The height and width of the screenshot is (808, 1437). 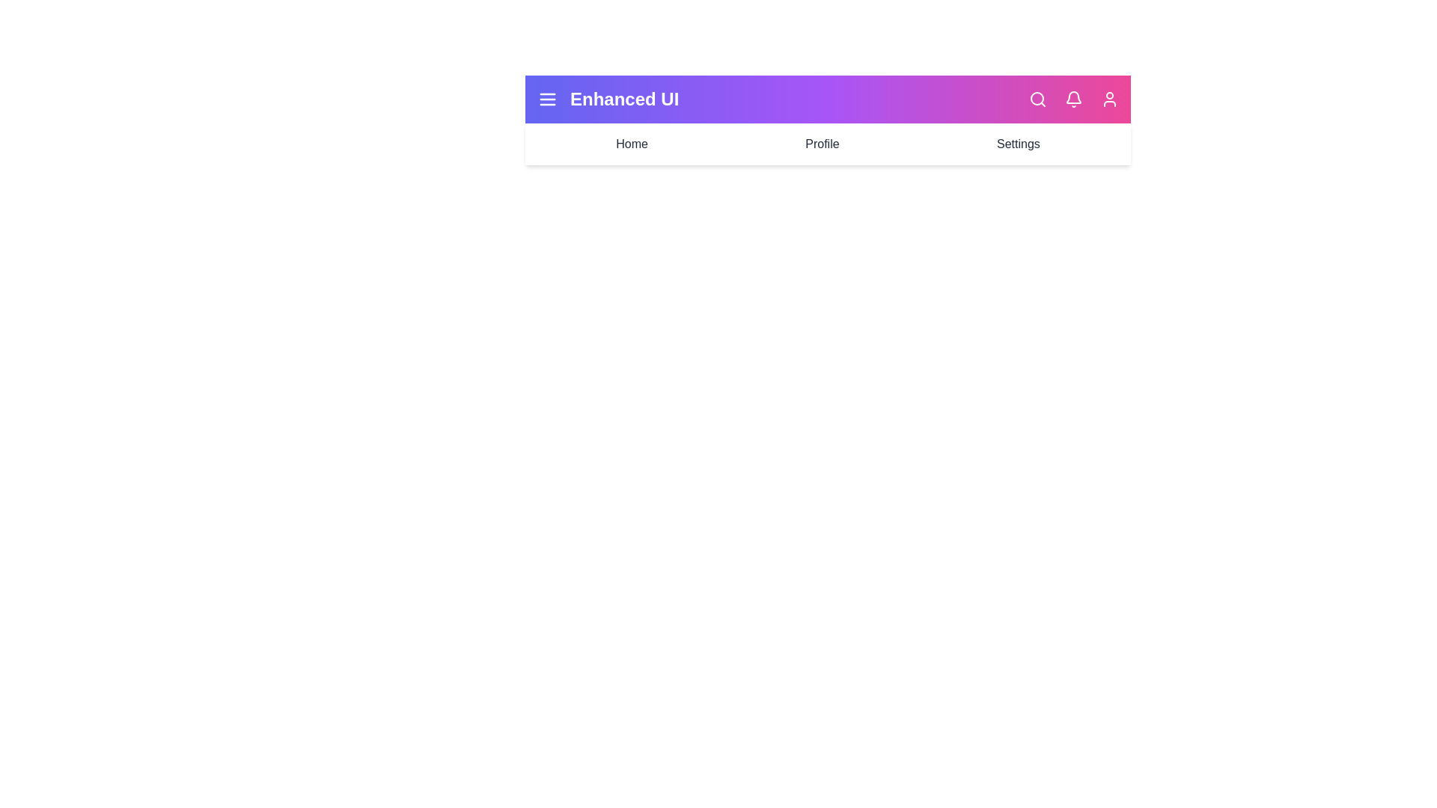 What do you see at coordinates (1073, 99) in the screenshot?
I see `the Notifications icon in the EnhancedAppBar` at bounding box center [1073, 99].